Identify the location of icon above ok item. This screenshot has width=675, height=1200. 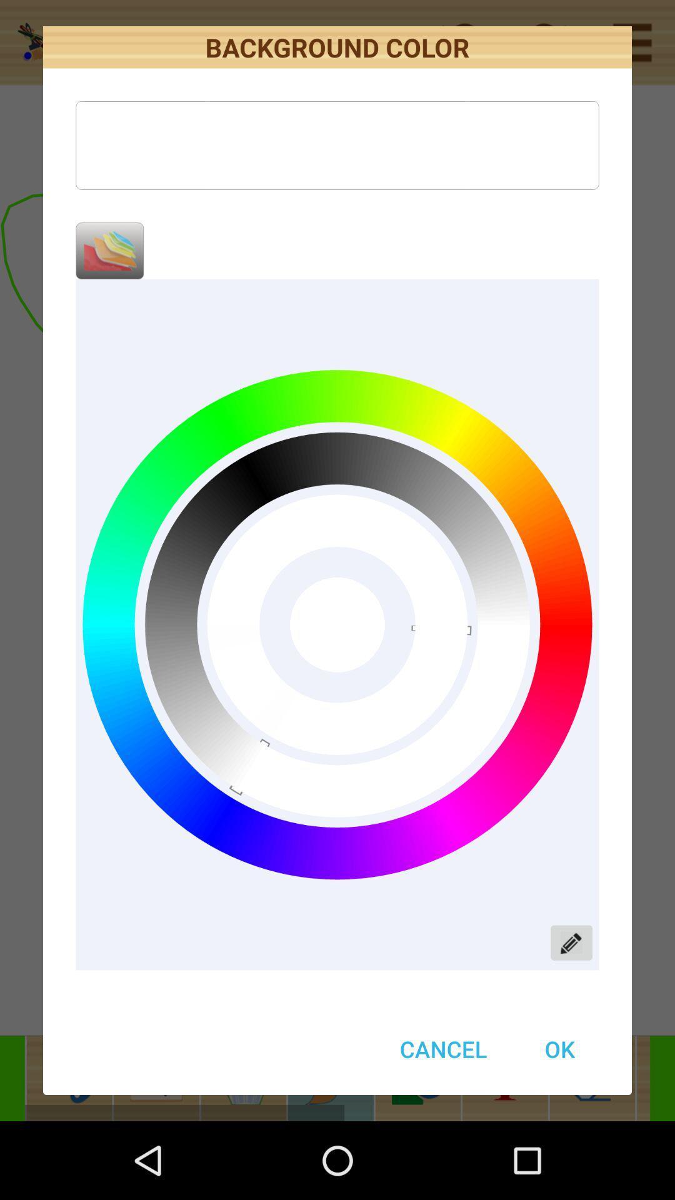
(571, 942).